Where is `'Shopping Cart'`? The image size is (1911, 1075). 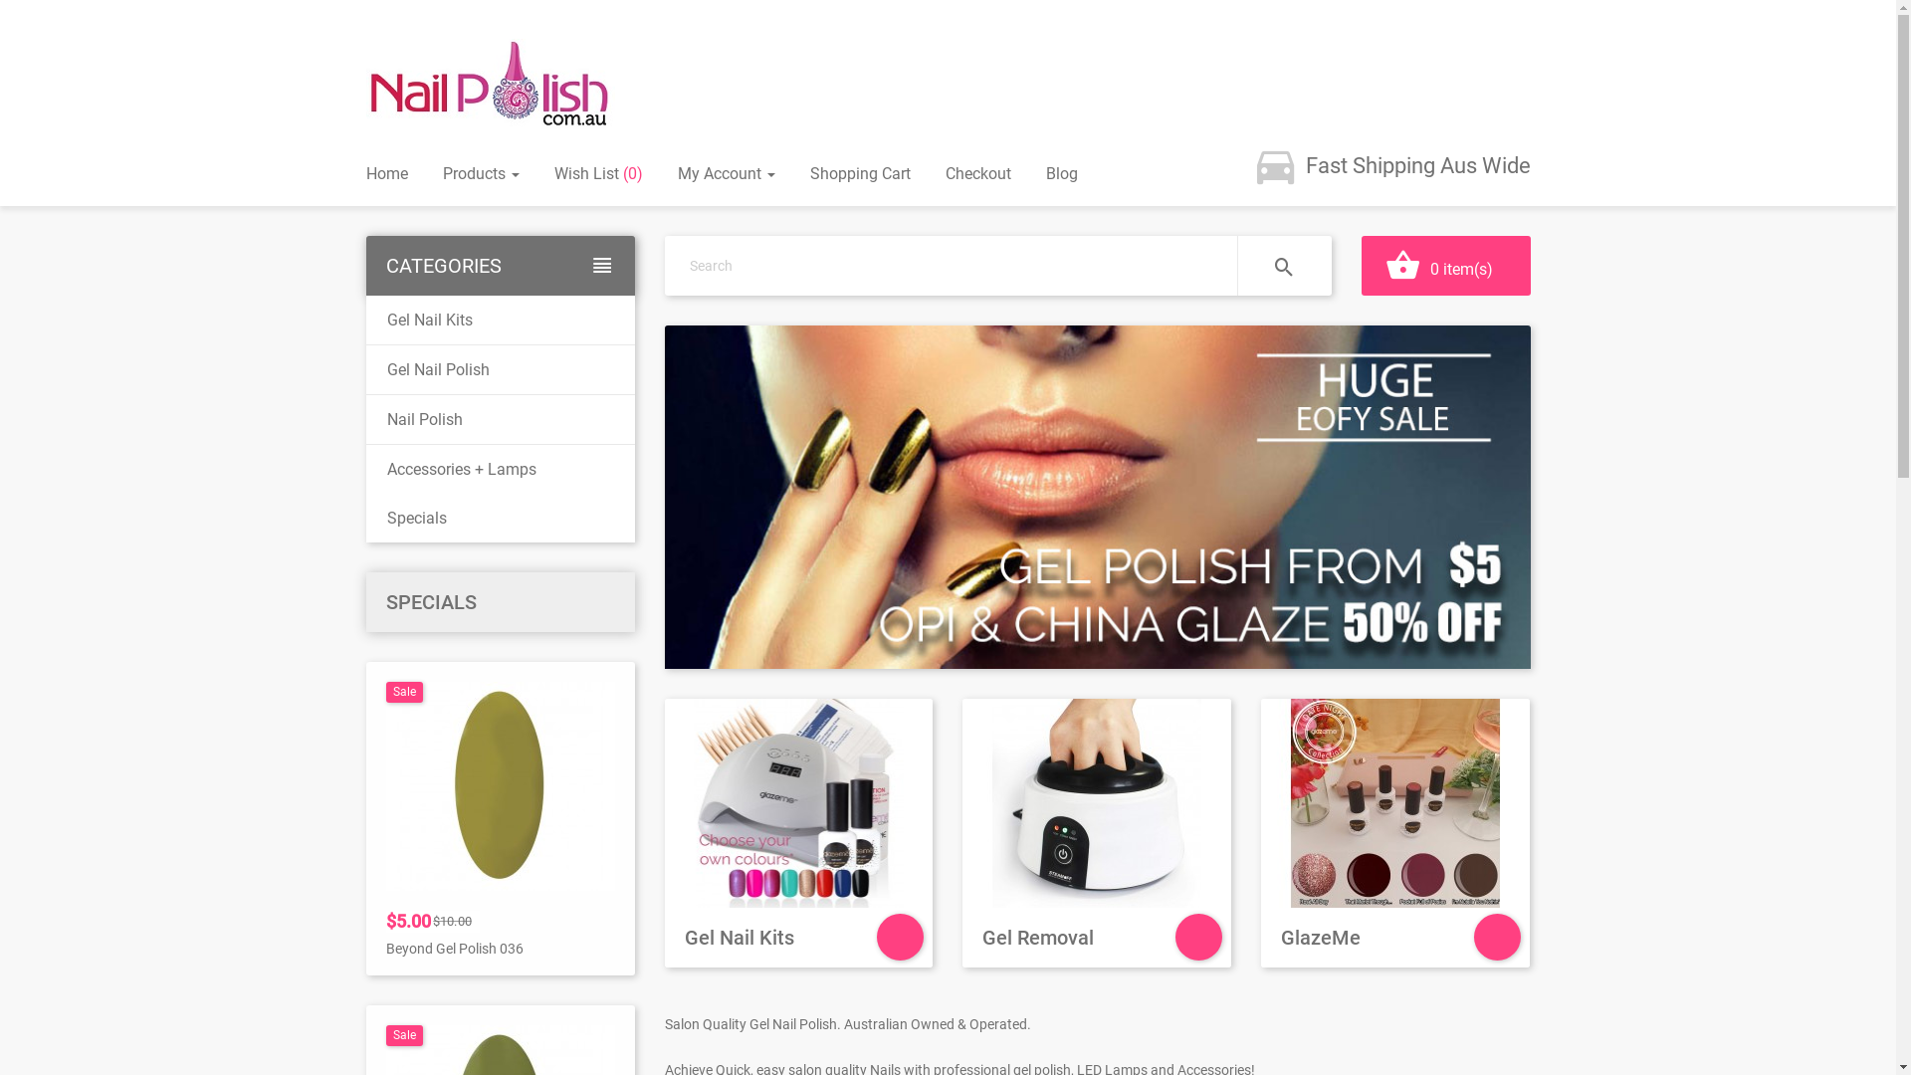 'Shopping Cart' is located at coordinates (860, 172).